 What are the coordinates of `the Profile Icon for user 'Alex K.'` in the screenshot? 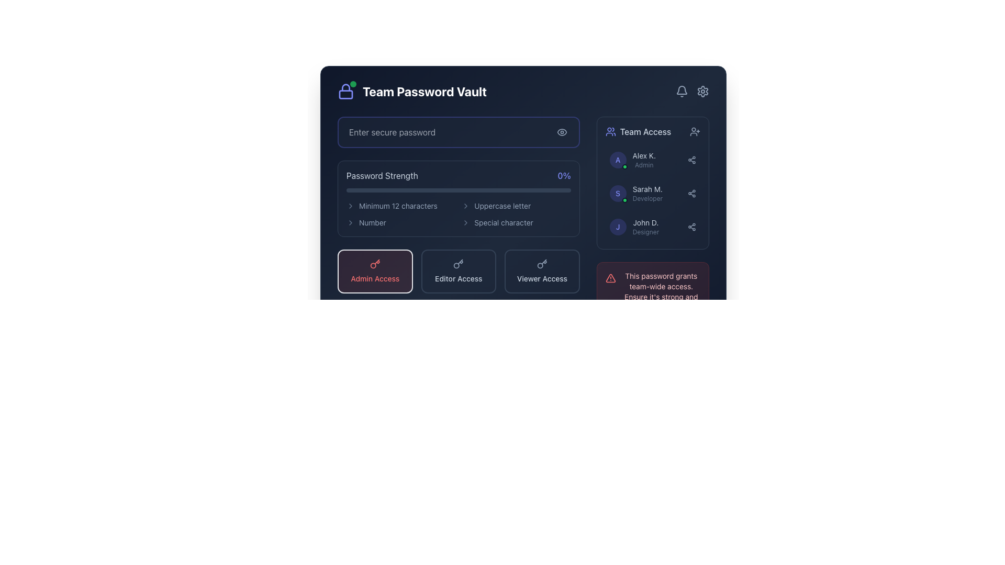 It's located at (618, 160).